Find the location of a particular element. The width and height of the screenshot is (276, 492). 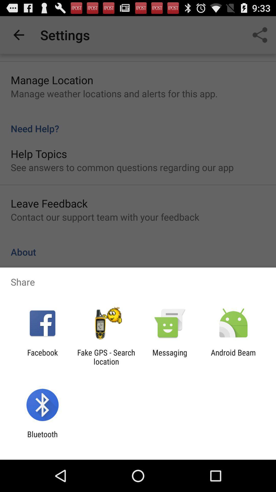

the icon to the left of the fake gps search is located at coordinates (42, 357).